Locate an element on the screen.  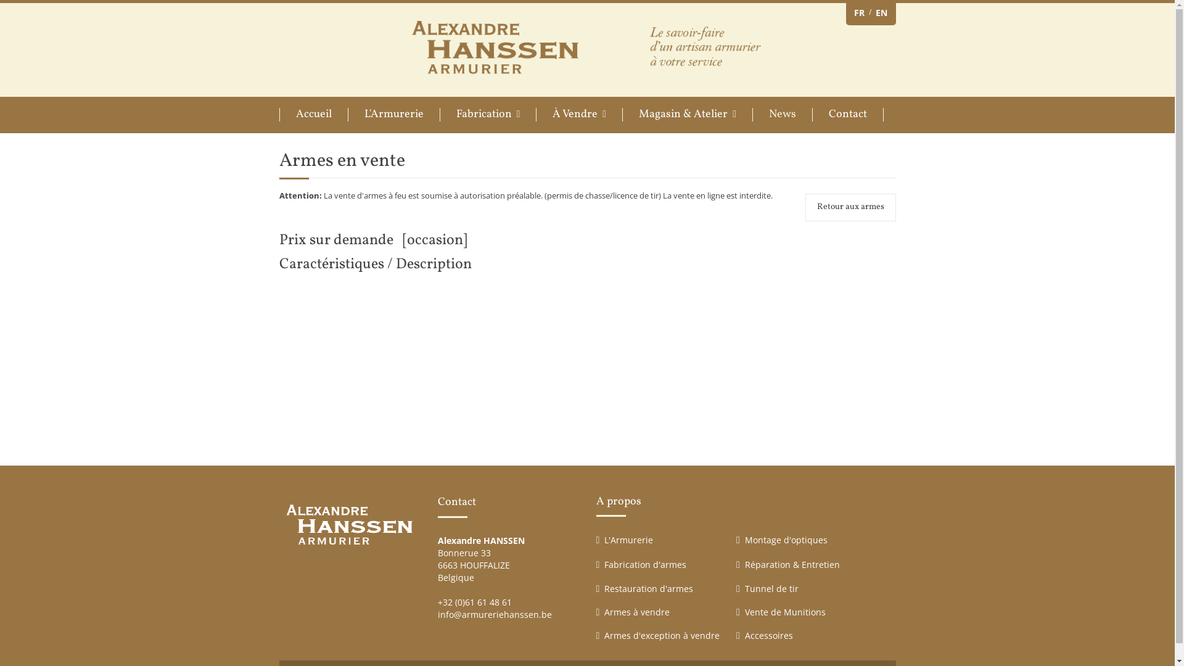
'Tunnel de tir' is located at coordinates (771, 587).